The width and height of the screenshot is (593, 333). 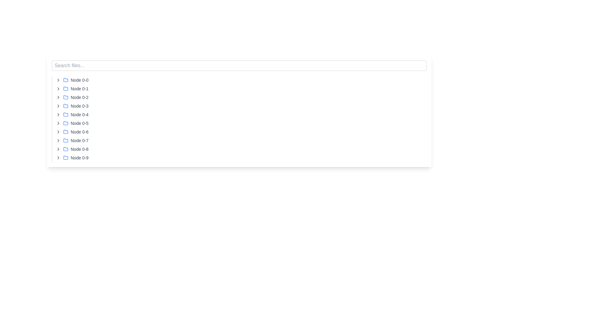 I want to click on the text label displaying 'Node 0-7', which is the eighth item in a list of nodes in a collapsible tree structure, so click(x=79, y=140).